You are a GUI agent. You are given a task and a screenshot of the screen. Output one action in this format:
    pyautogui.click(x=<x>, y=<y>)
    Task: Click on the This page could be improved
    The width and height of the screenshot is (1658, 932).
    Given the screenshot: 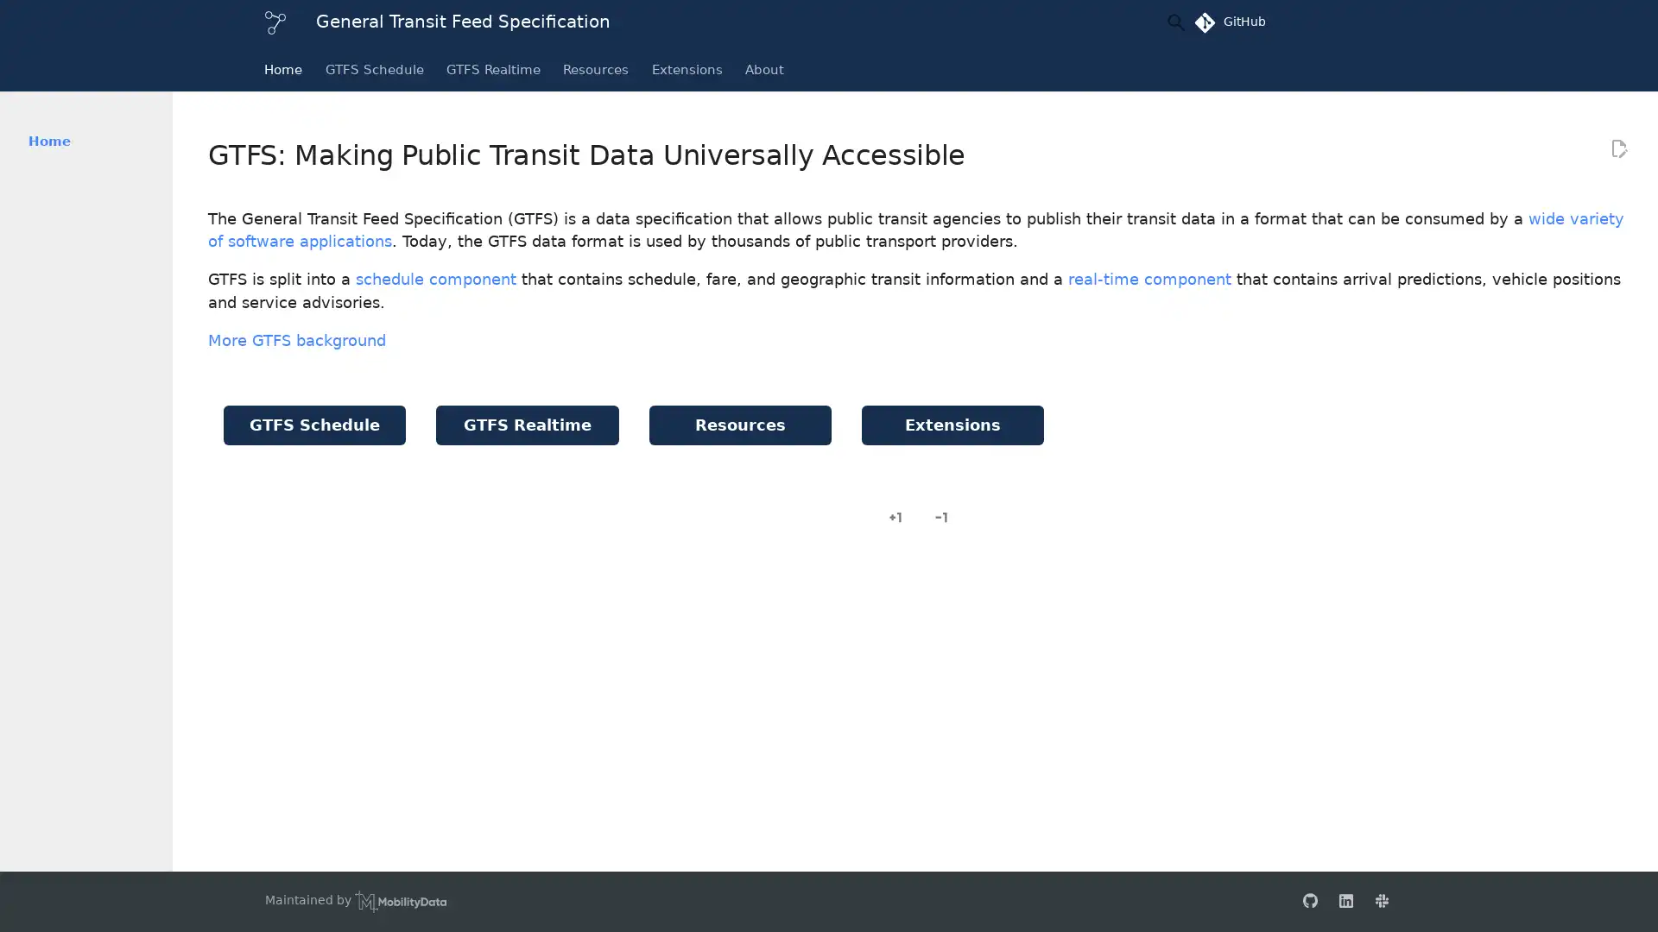 What is the action you would take?
    pyautogui.click(x=940, y=515)
    